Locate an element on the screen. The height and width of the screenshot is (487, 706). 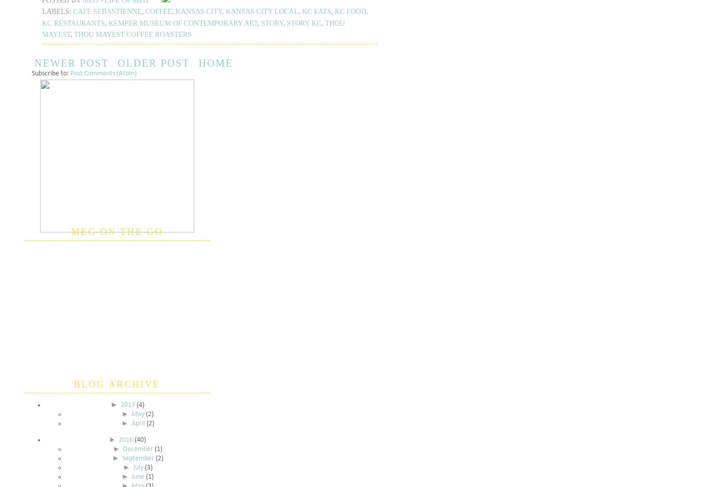
'December' is located at coordinates (138, 449).